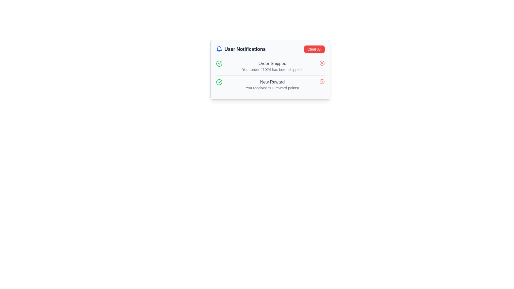 The image size is (514, 289). Describe the element at coordinates (314, 49) in the screenshot. I see `the rounded rectangular red button labeled 'Clear All' located on the far right side of the 'User Notifications' section` at that location.